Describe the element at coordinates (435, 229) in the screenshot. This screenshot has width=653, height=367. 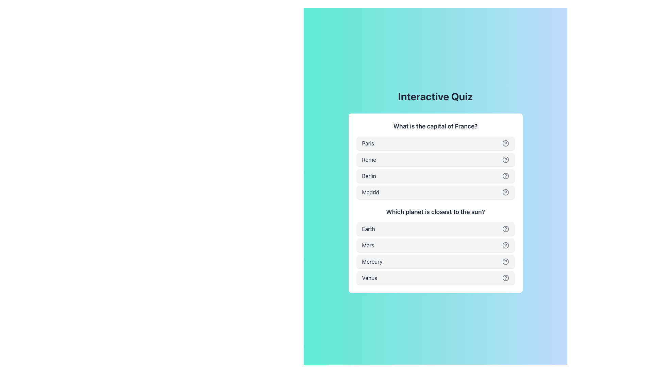
I see `the 'Earth' button in the quiz interface` at that location.